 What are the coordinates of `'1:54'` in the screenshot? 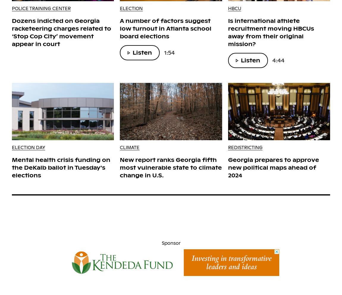 It's located at (170, 52).